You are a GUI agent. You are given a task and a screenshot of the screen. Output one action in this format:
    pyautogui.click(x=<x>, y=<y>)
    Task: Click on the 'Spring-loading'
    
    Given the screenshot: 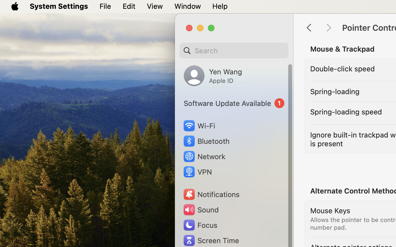 What is the action you would take?
    pyautogui.click(x=334, y=91)
    